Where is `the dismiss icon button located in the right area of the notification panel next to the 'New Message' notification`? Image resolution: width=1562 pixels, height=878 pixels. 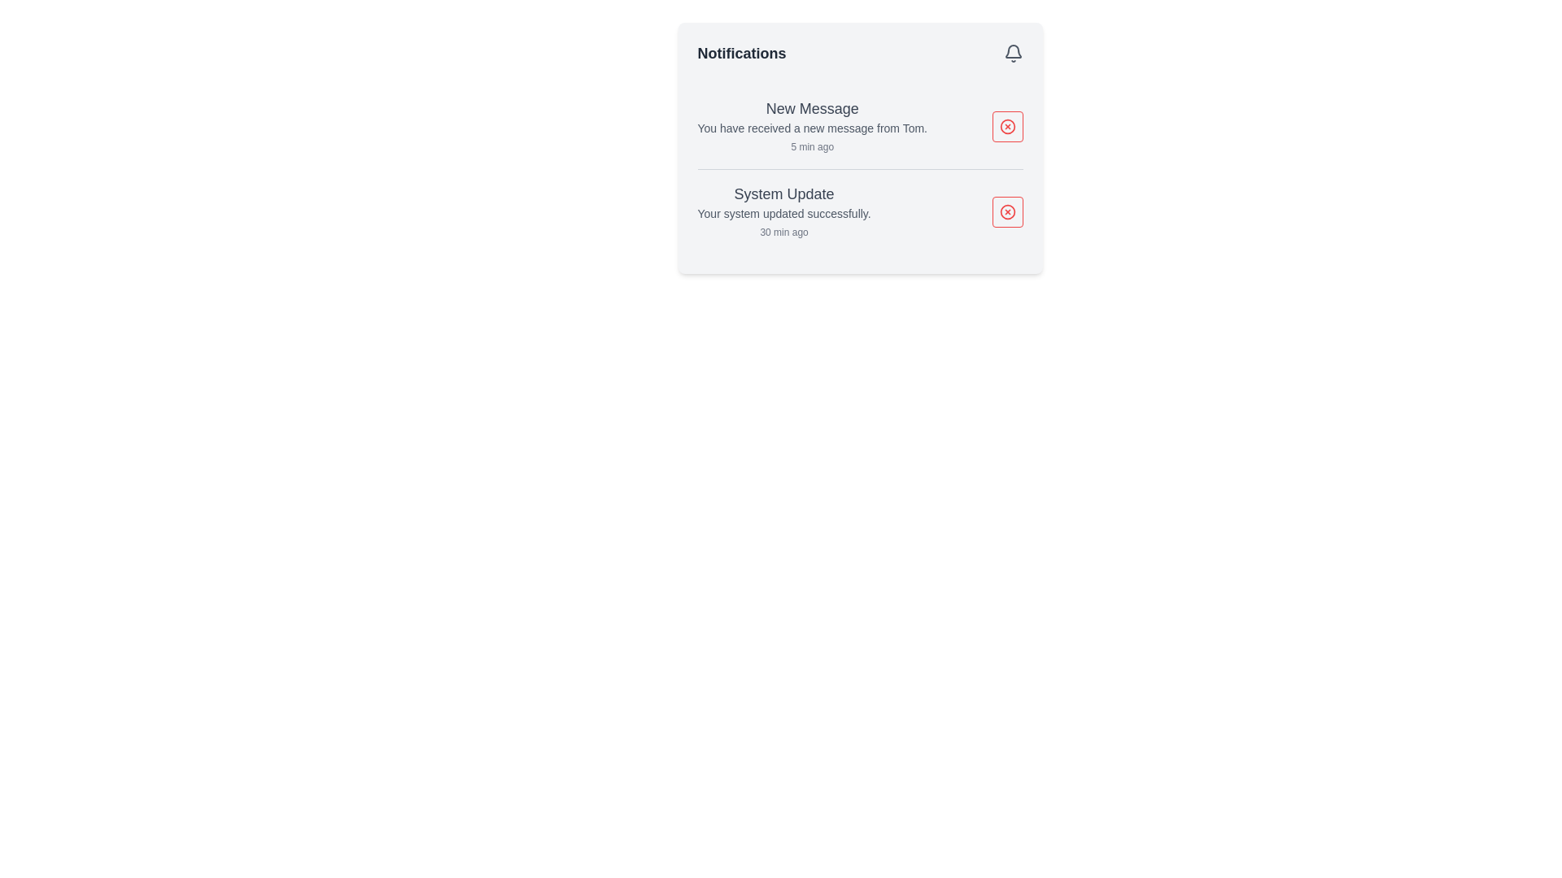 the dismiss icon button located in the right area of the notification panel next to the 'New Message' notification is located at coordinates (1006, 125).